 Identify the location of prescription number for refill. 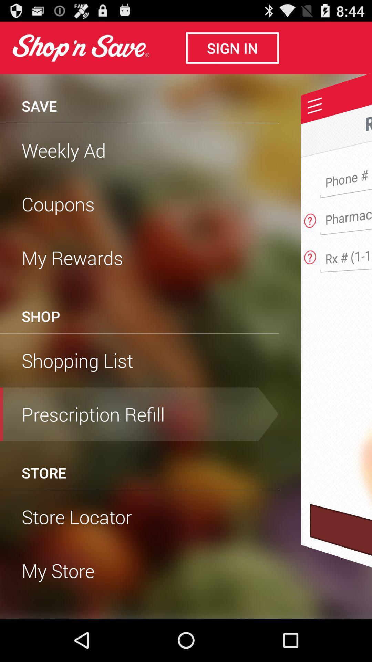
(349, 254).